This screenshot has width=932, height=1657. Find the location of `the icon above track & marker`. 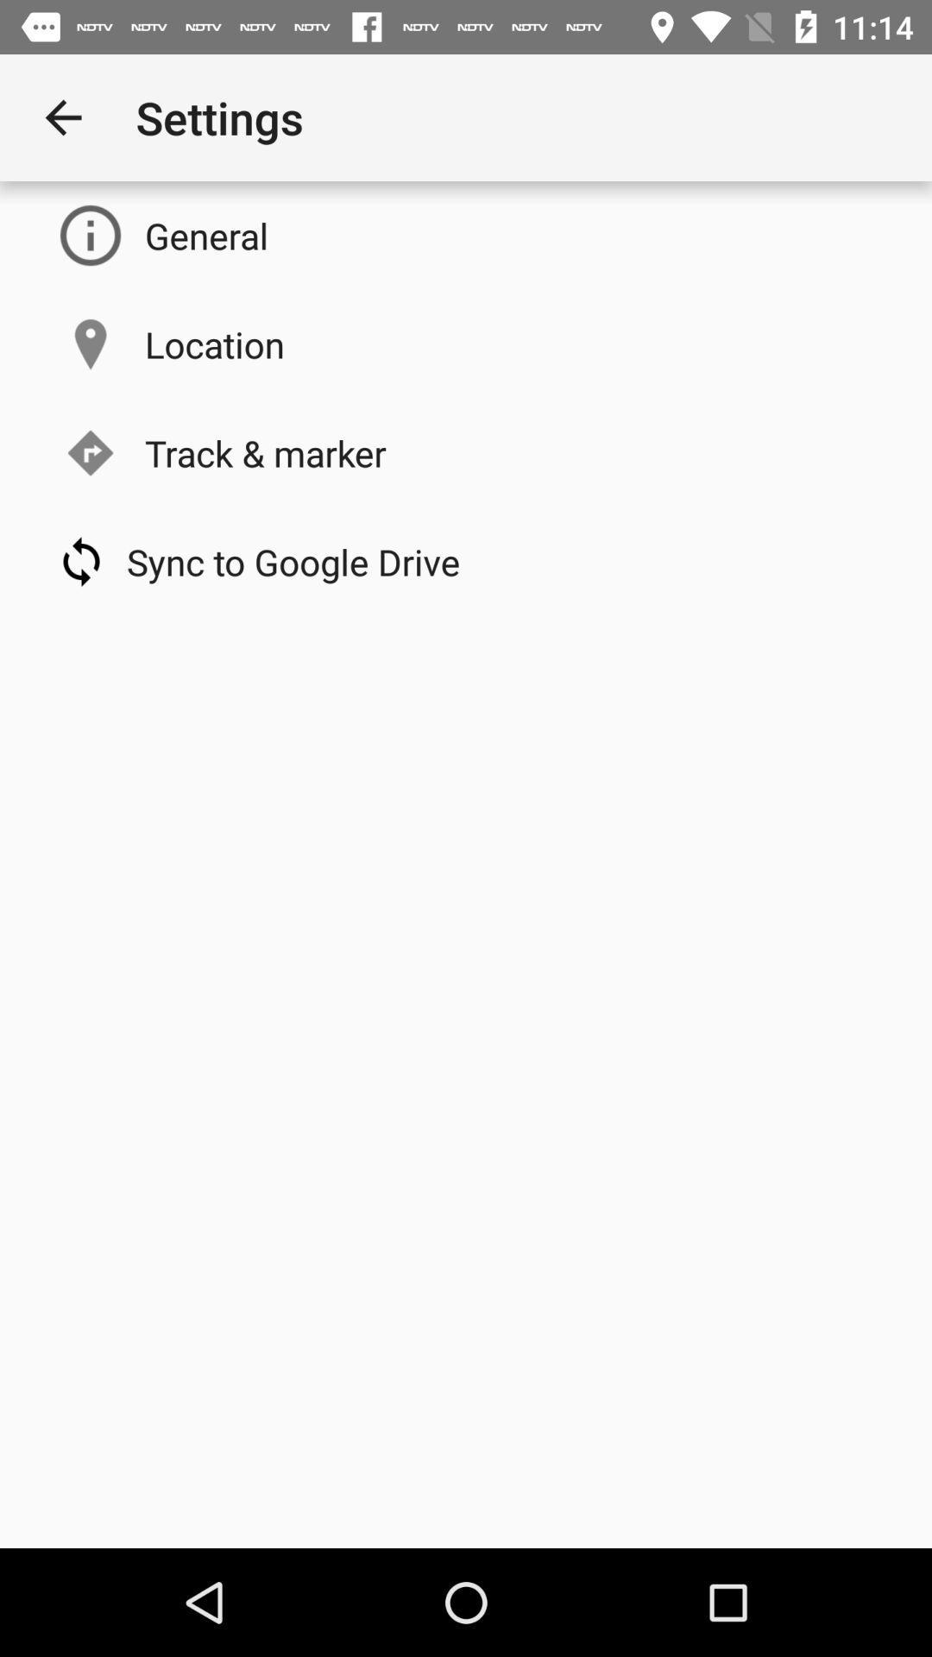

the icon above track & marker is located at coordinates (214, 343).